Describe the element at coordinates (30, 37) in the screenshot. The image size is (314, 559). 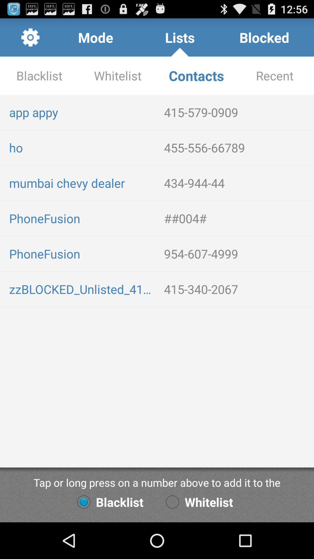
I see `app to the left of the mode` at that location.